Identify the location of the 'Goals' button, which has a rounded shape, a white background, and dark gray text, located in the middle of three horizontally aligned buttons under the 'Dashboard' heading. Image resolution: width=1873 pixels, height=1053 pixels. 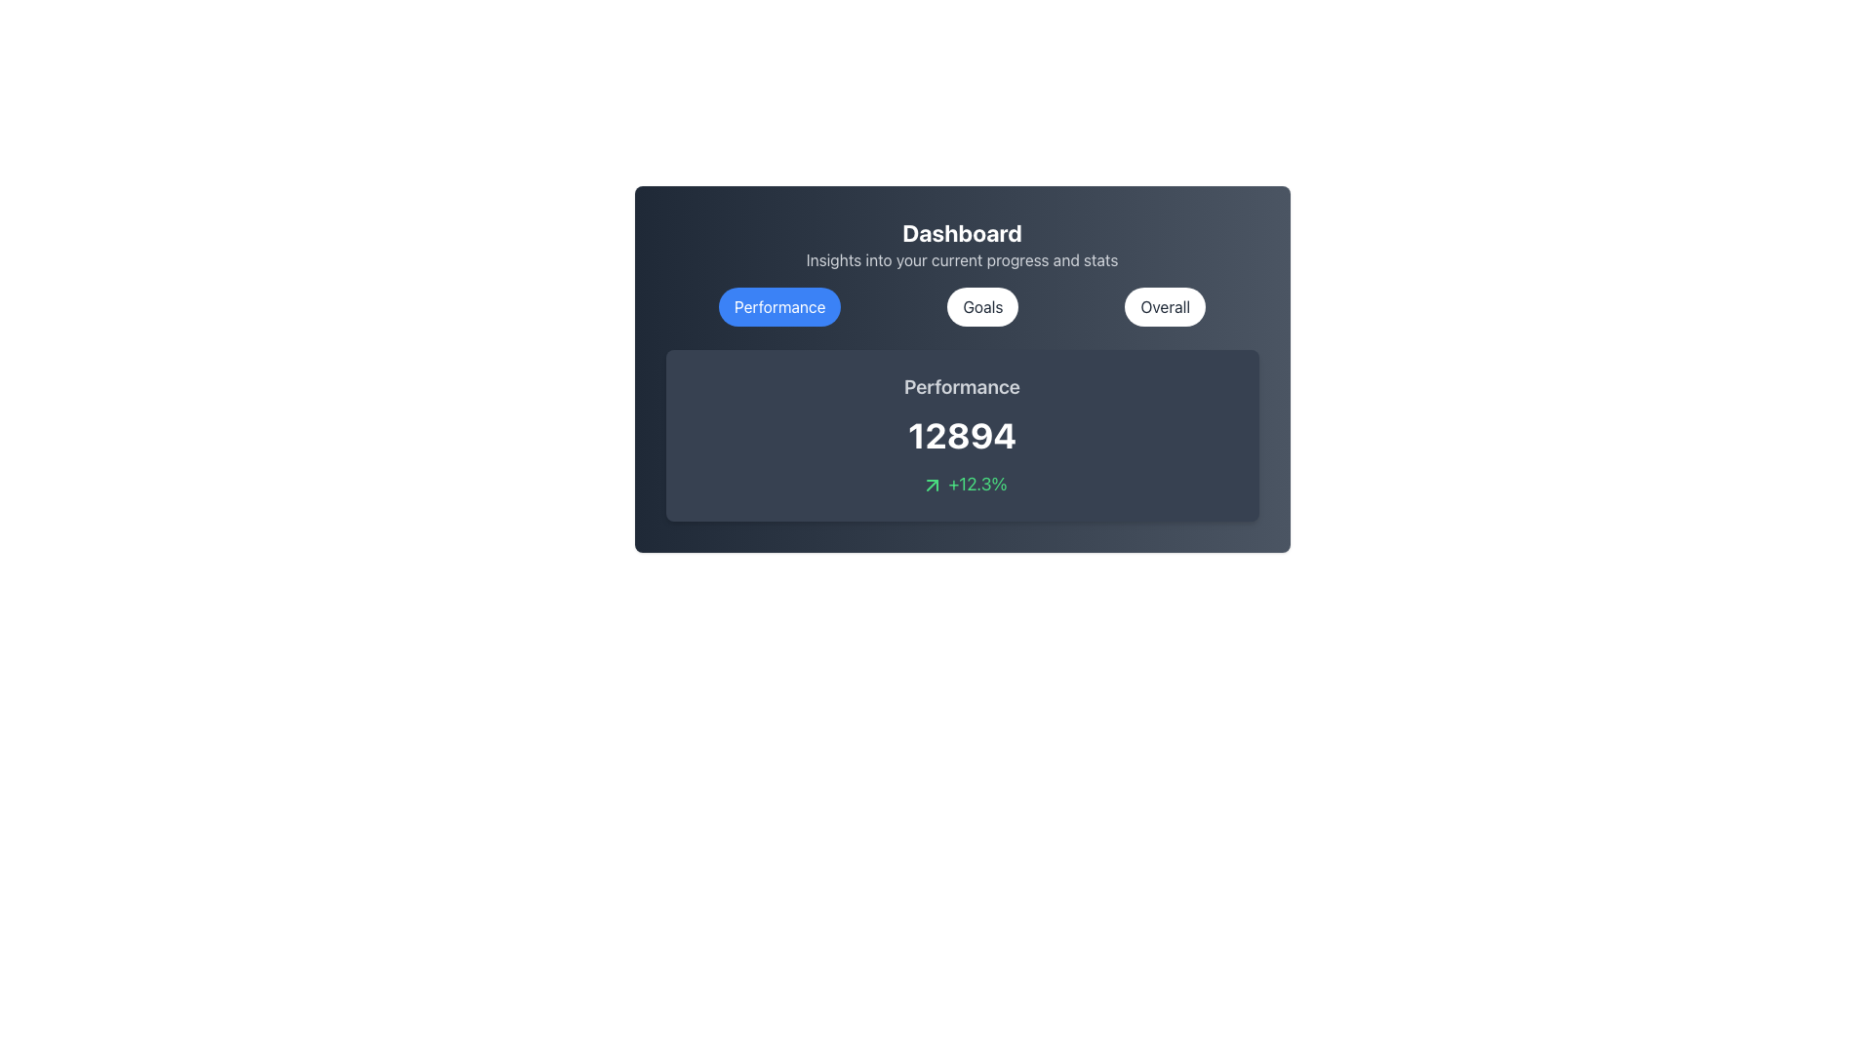
(983, 307).